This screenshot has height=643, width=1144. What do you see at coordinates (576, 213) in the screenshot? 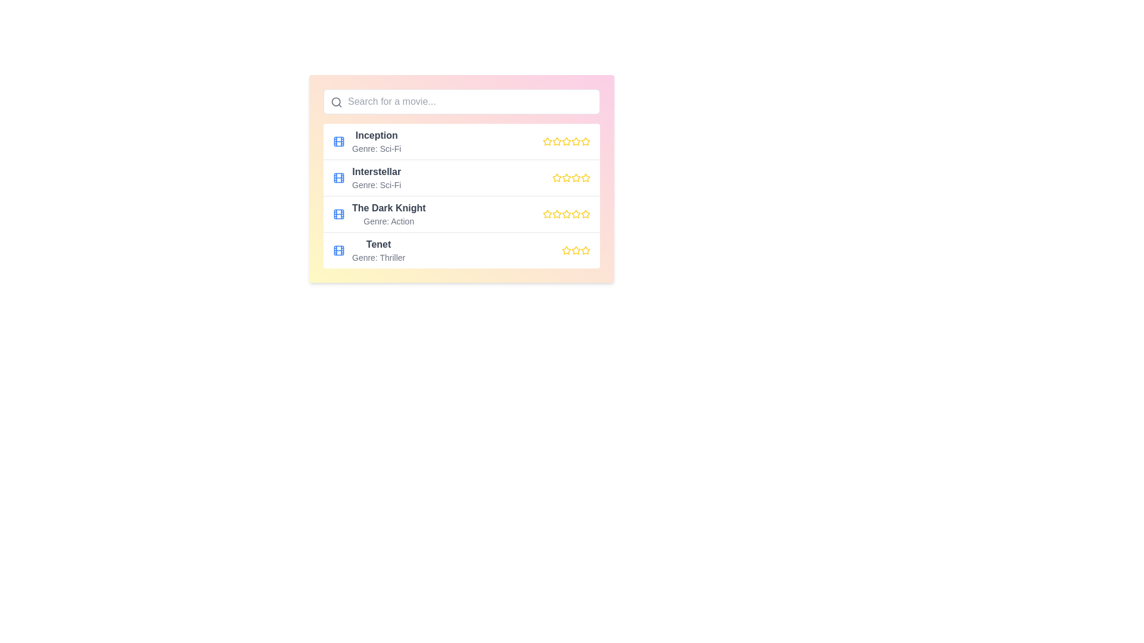
I see `the fourth star icon in the rating section of 'The Dark Knight' to rate it` at bounding box center [576, 213].